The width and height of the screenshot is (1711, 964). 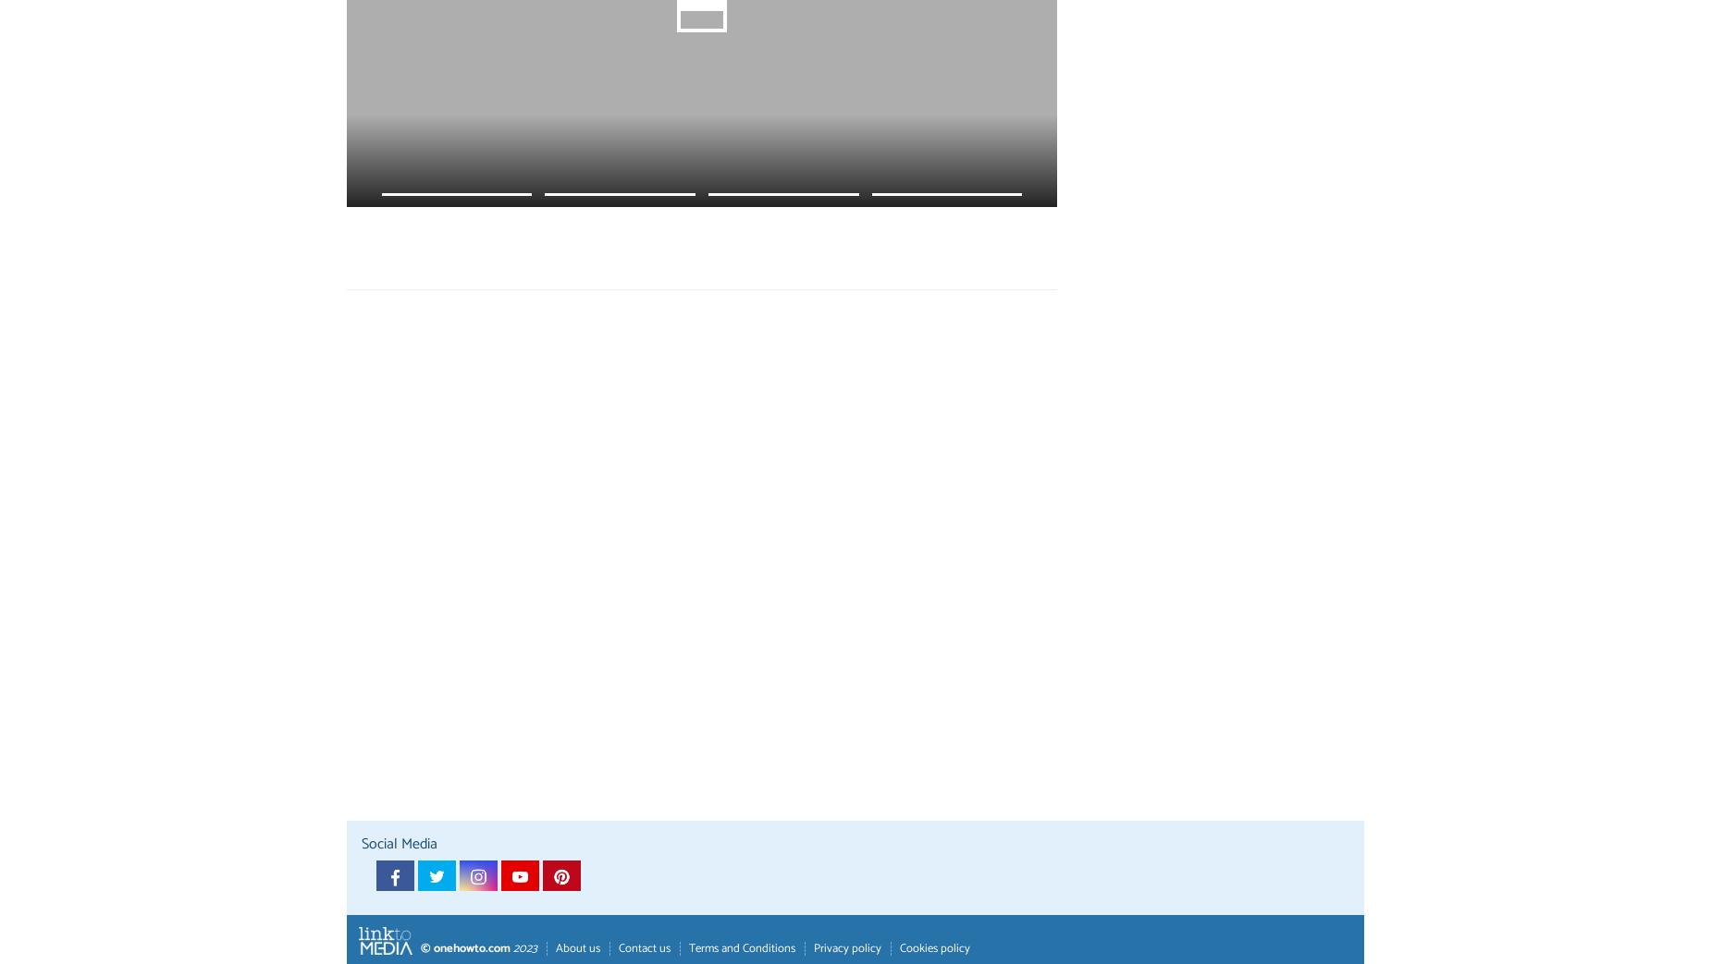 What do you see at coordinates (581, 223) in the screenshot?
I see `'How to Remove the Smell of Urine from Clothing - 4 steps'` at bounding box center [581, 223].